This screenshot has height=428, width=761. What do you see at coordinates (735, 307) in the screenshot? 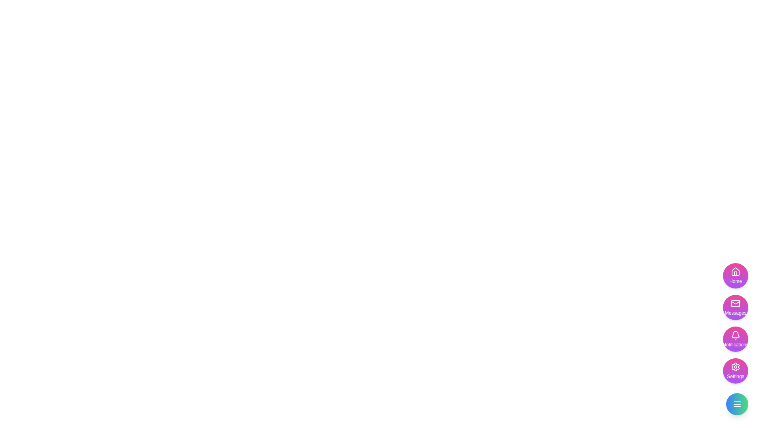
I see `the button located at the bottom-right corner of the interface, which is the second button in a vertical stack` at bounding box center [735, 307].